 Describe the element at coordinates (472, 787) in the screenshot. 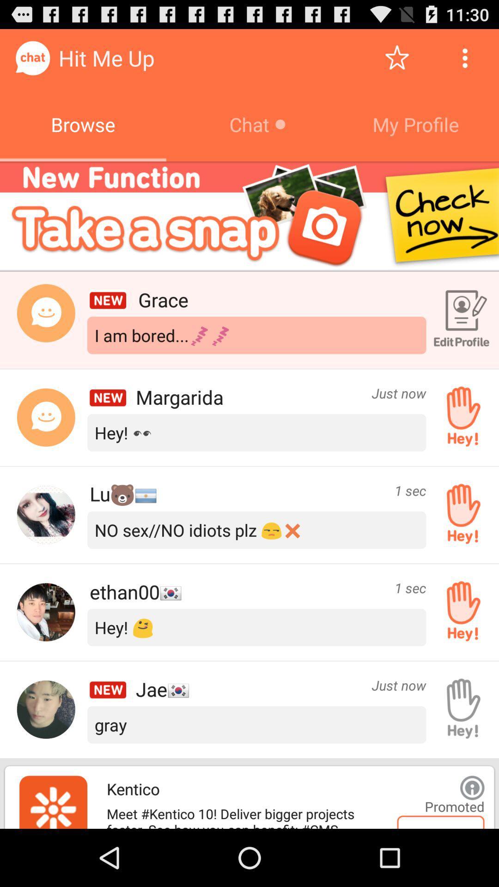

I see `get promoter 's information` at that location.